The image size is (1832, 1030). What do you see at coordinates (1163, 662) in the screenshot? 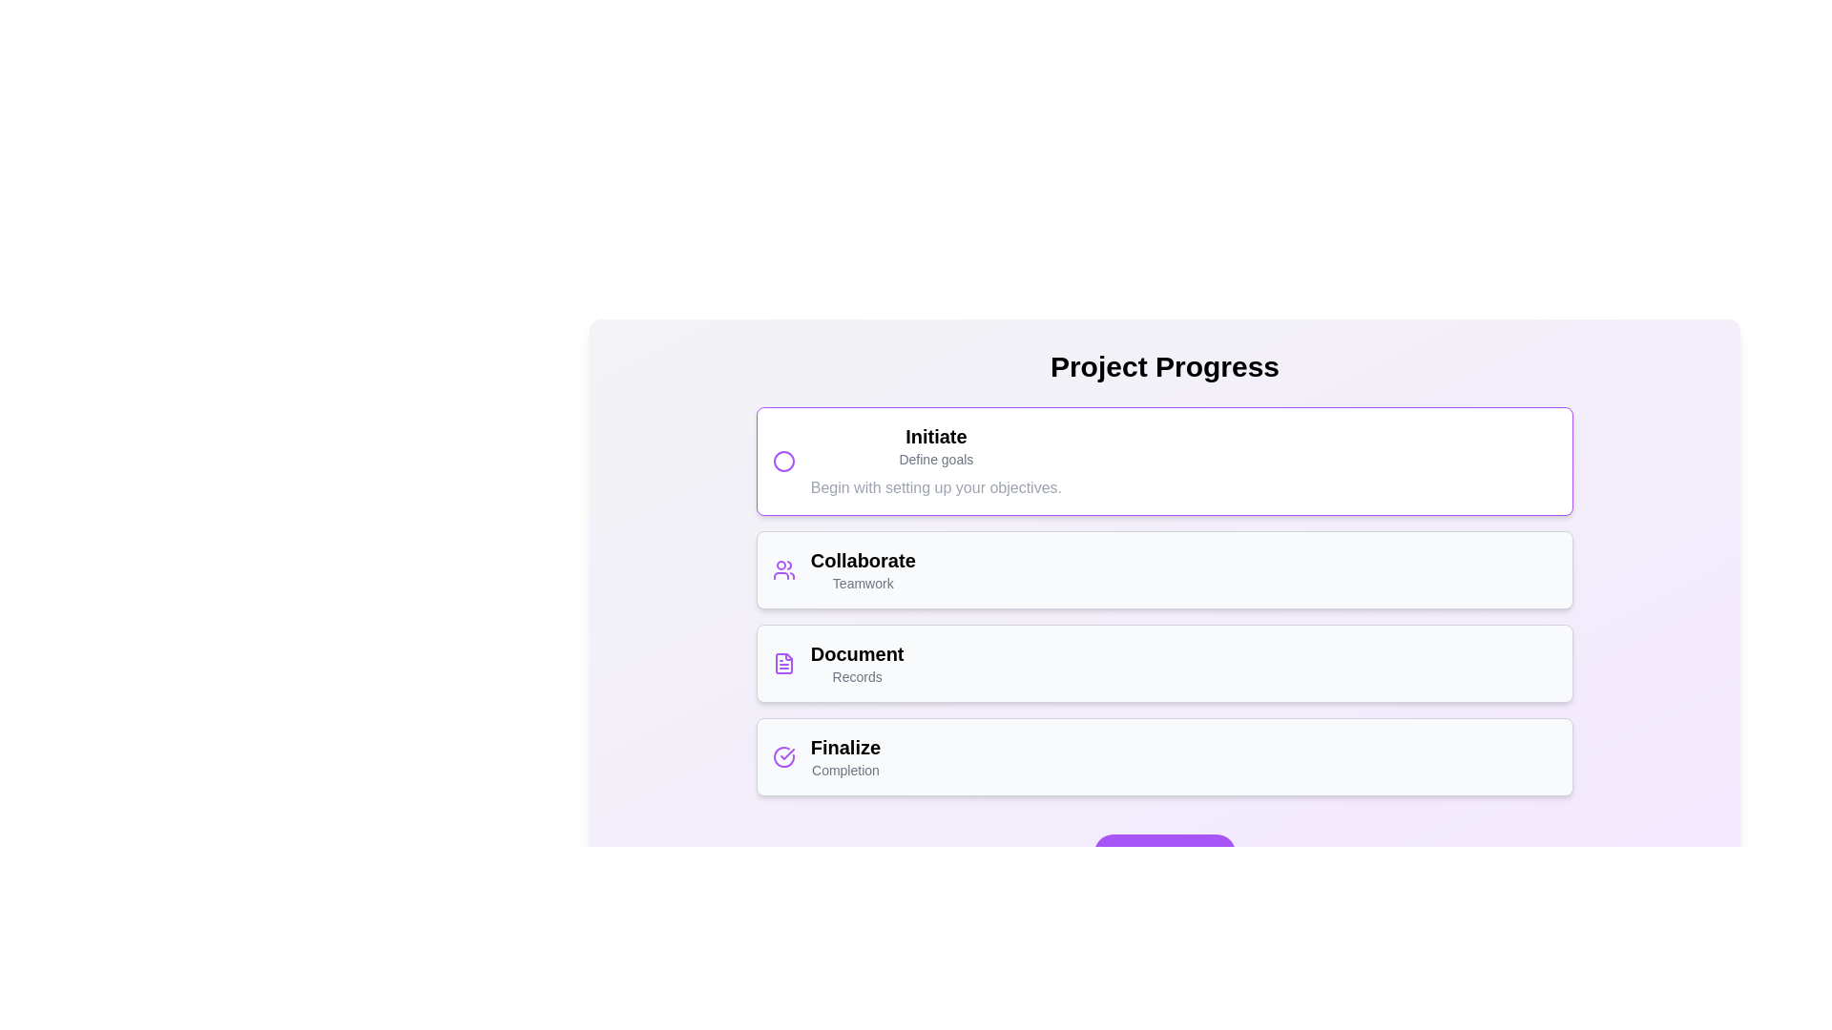
I see `the informational component labeled 'Document' that provides a description of 'Records', located vertically between 'Collaborate - Teamwork' and 'Finalize - Completion'` at bounding box center [1163, 662].